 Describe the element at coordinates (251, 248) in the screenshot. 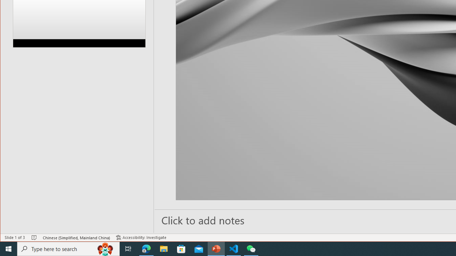

I see `'WeChat - 1 running window'` at that location.